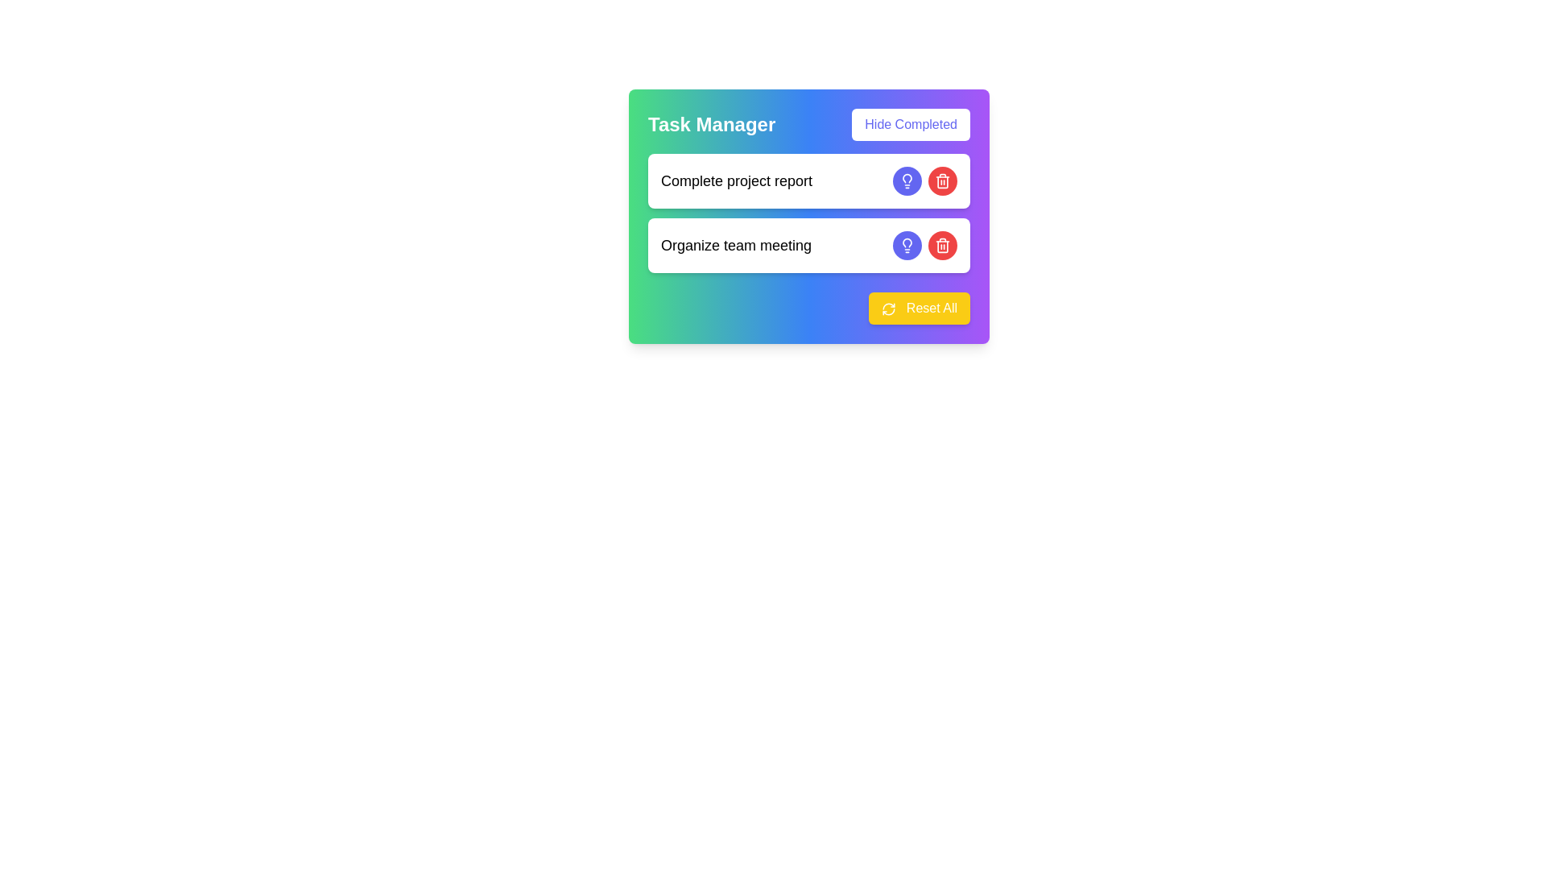  I want to click on the prominent text label displaying the title 'Complete project report' in the Task Manager interface, so click(736, 180).